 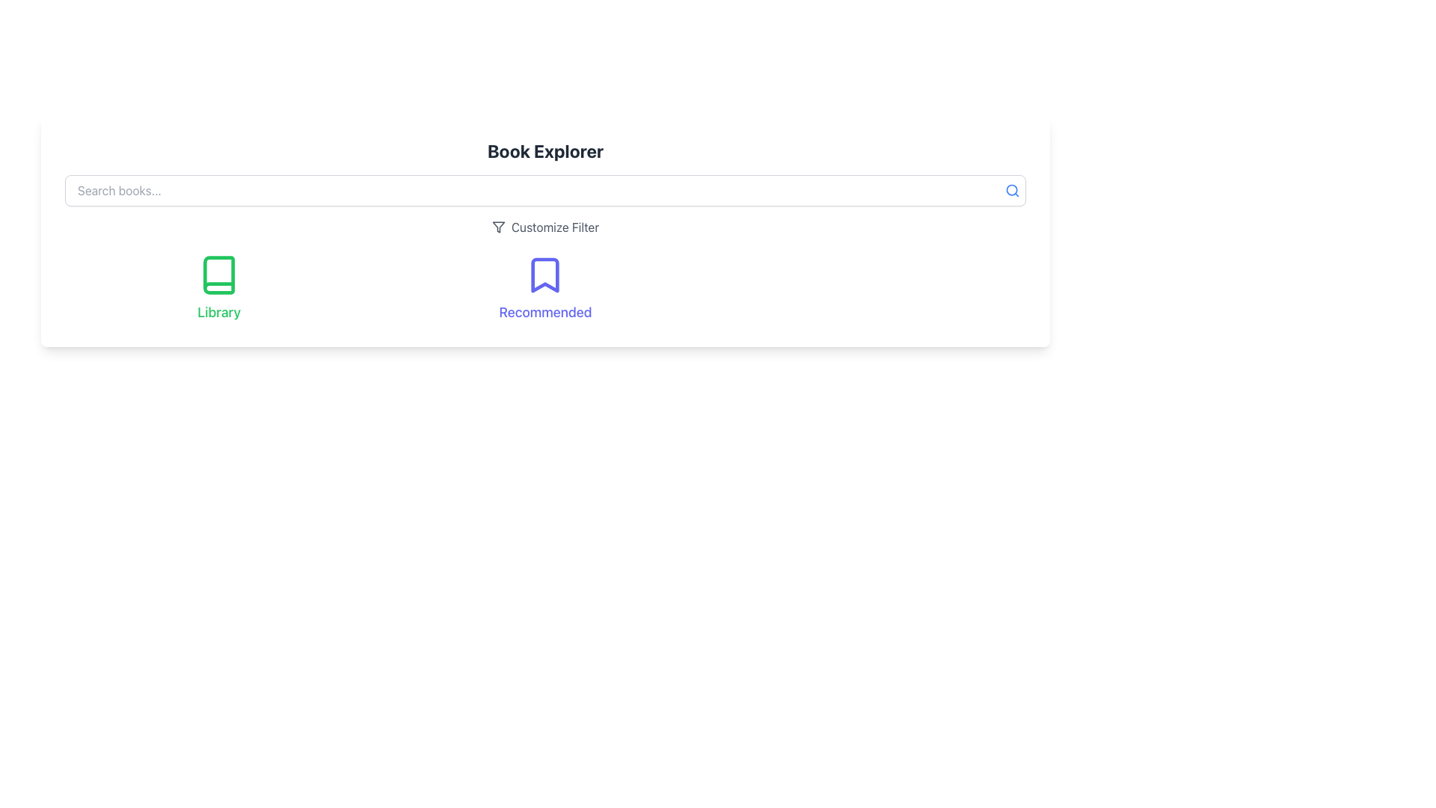 I want to click on the filter customization button located below the 'Book Explorer' header to change its color, so click(x=544, y=227).